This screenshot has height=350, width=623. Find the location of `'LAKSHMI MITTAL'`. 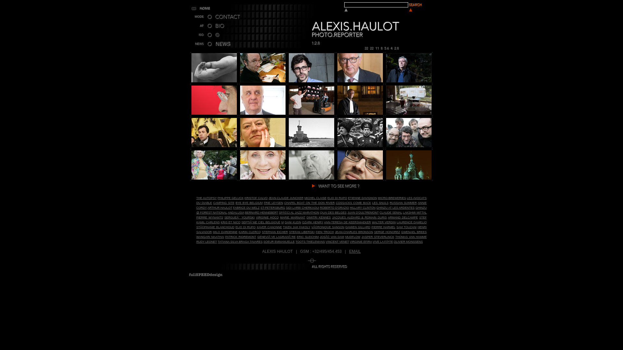

'LAKSHMI MITTAL' is located at coordinates (403, 212).